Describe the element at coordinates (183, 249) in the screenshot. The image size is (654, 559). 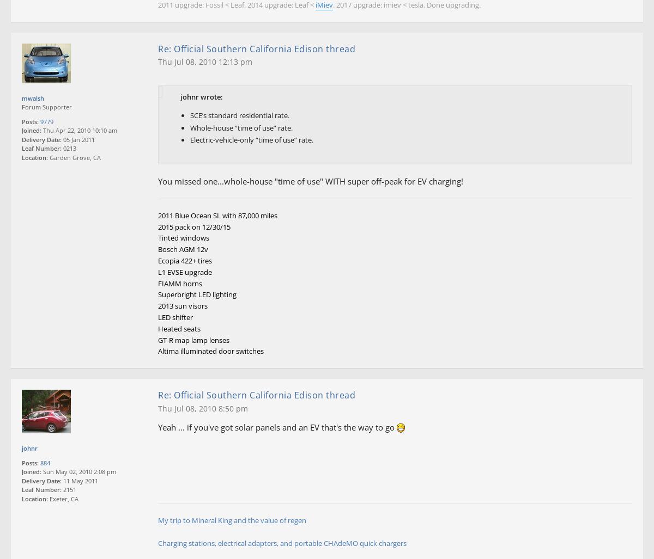
I see `'Bosch AGM 12v'` at that location.